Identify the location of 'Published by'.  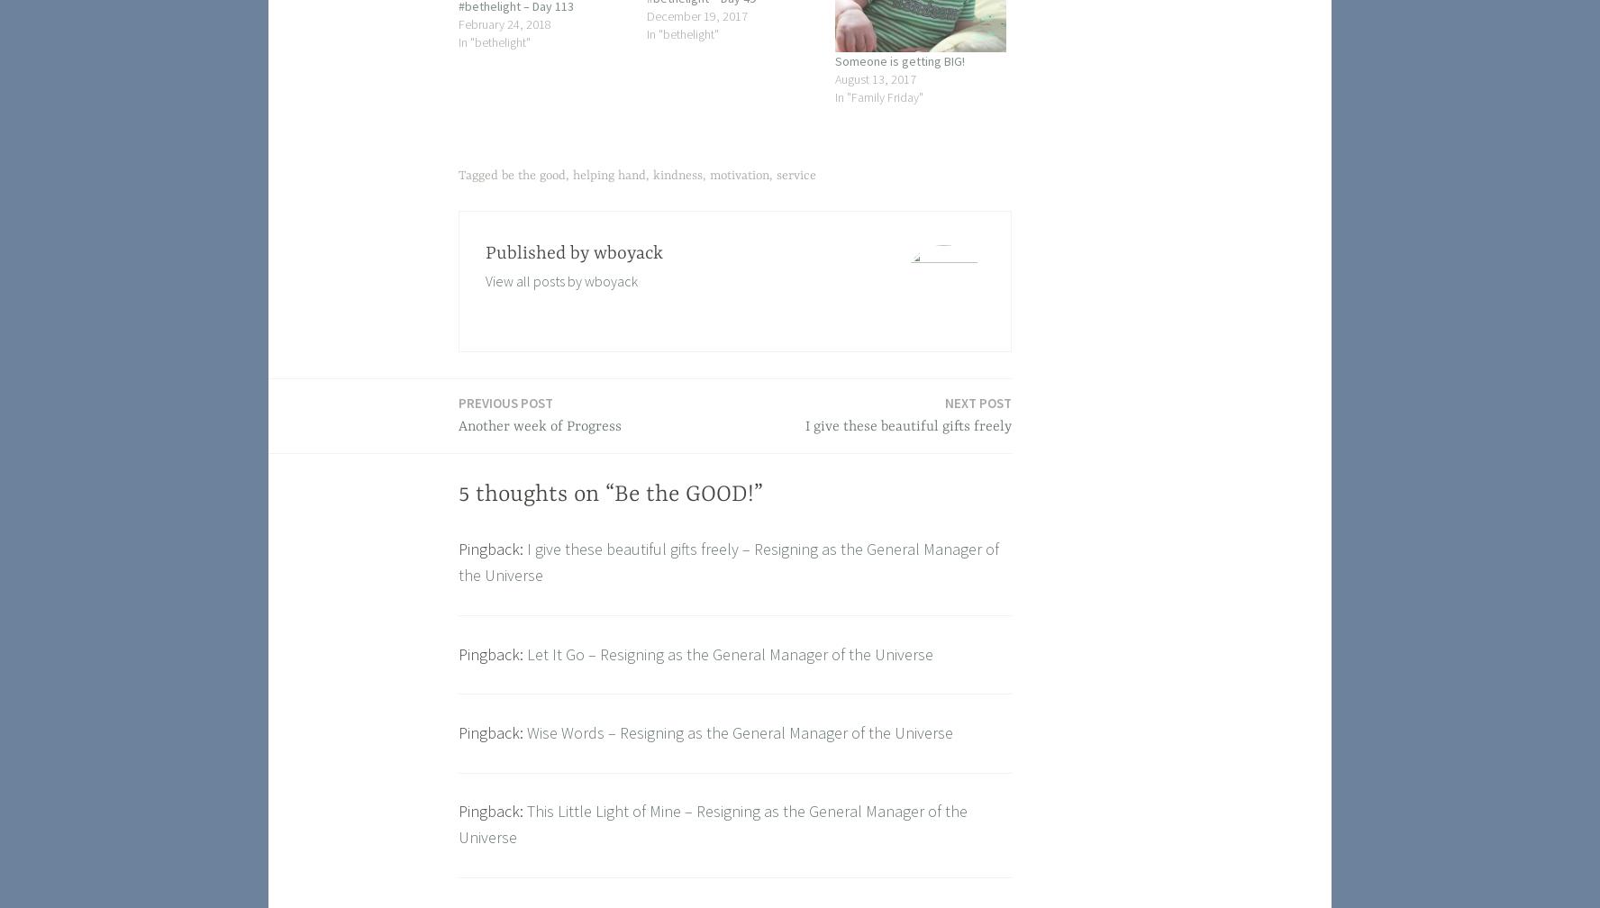
(484, 252).